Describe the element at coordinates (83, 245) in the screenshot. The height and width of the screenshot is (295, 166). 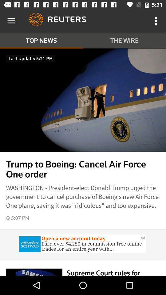
I see `advertisements website` at that location.